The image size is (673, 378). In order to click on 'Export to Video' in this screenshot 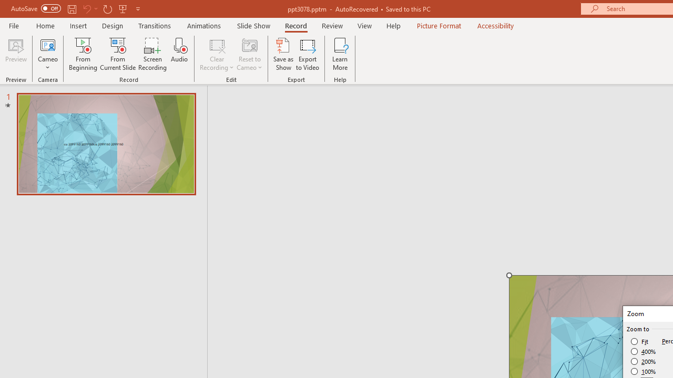, I will do `click(307, 54)`.